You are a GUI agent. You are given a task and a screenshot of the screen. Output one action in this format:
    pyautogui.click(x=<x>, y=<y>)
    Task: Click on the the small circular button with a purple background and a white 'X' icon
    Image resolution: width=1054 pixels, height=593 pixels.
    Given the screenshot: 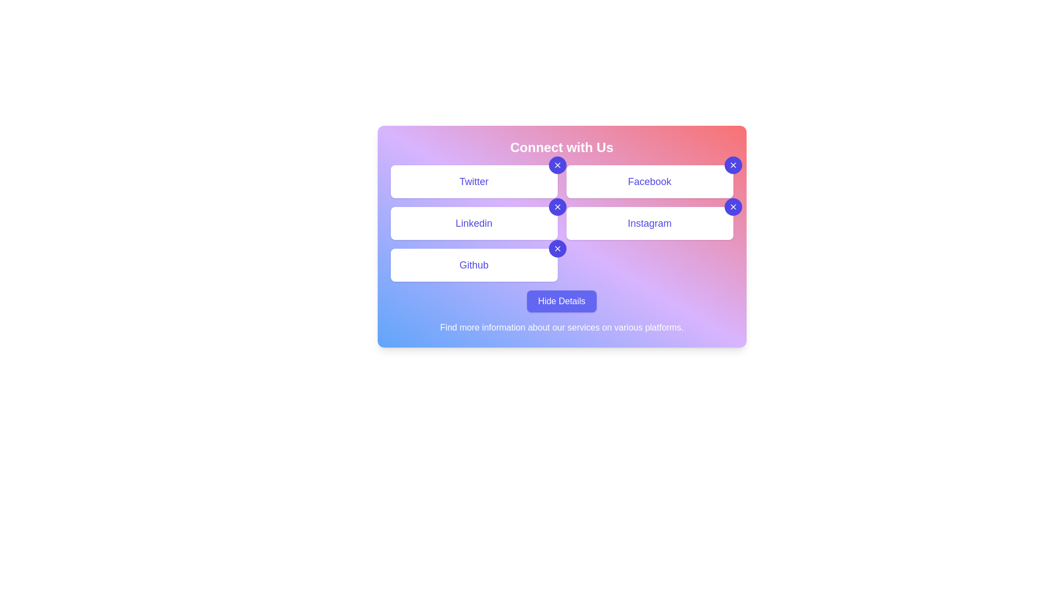 What is the action you would take?
    pyautogui.click(x=557, y=248)
    